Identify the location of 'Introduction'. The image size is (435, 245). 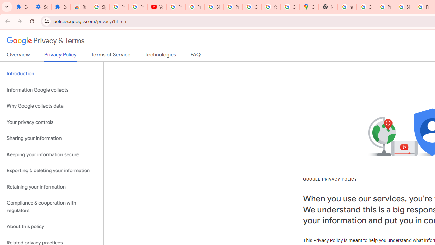
(51, 74).